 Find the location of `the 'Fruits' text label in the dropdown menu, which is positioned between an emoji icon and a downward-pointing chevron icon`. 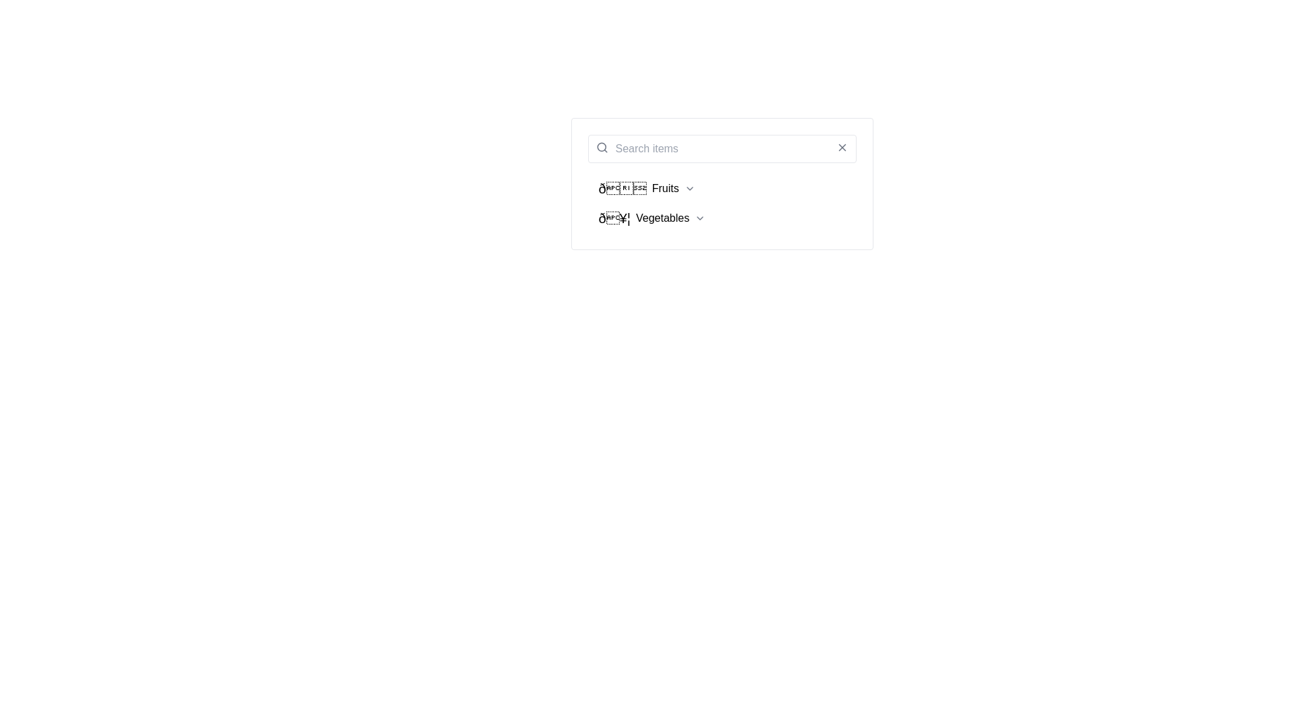

the 'Fruits' text label in the dropdown menu, which is positioned between an emoji icon and a downward-pointing chevron icon is located at coordinates (665, 189).